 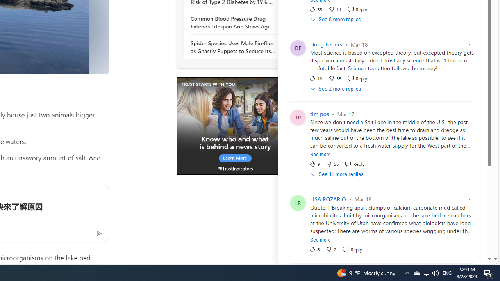 I want to click on 'See 8 more replies', so click(x=337, y=19).